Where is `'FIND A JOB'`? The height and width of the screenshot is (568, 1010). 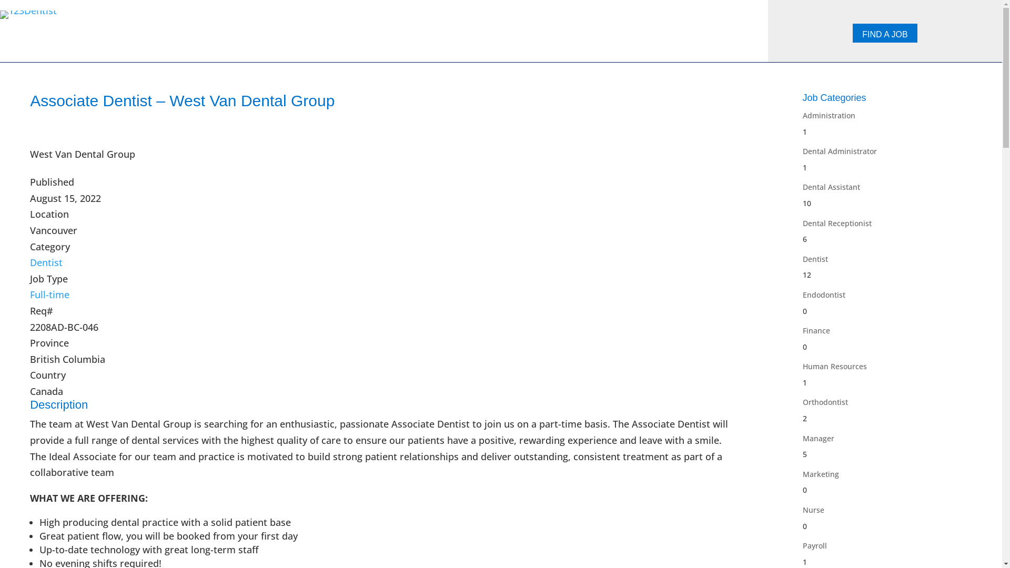 'FIND A JOB' is located at coordinates (853, 32).